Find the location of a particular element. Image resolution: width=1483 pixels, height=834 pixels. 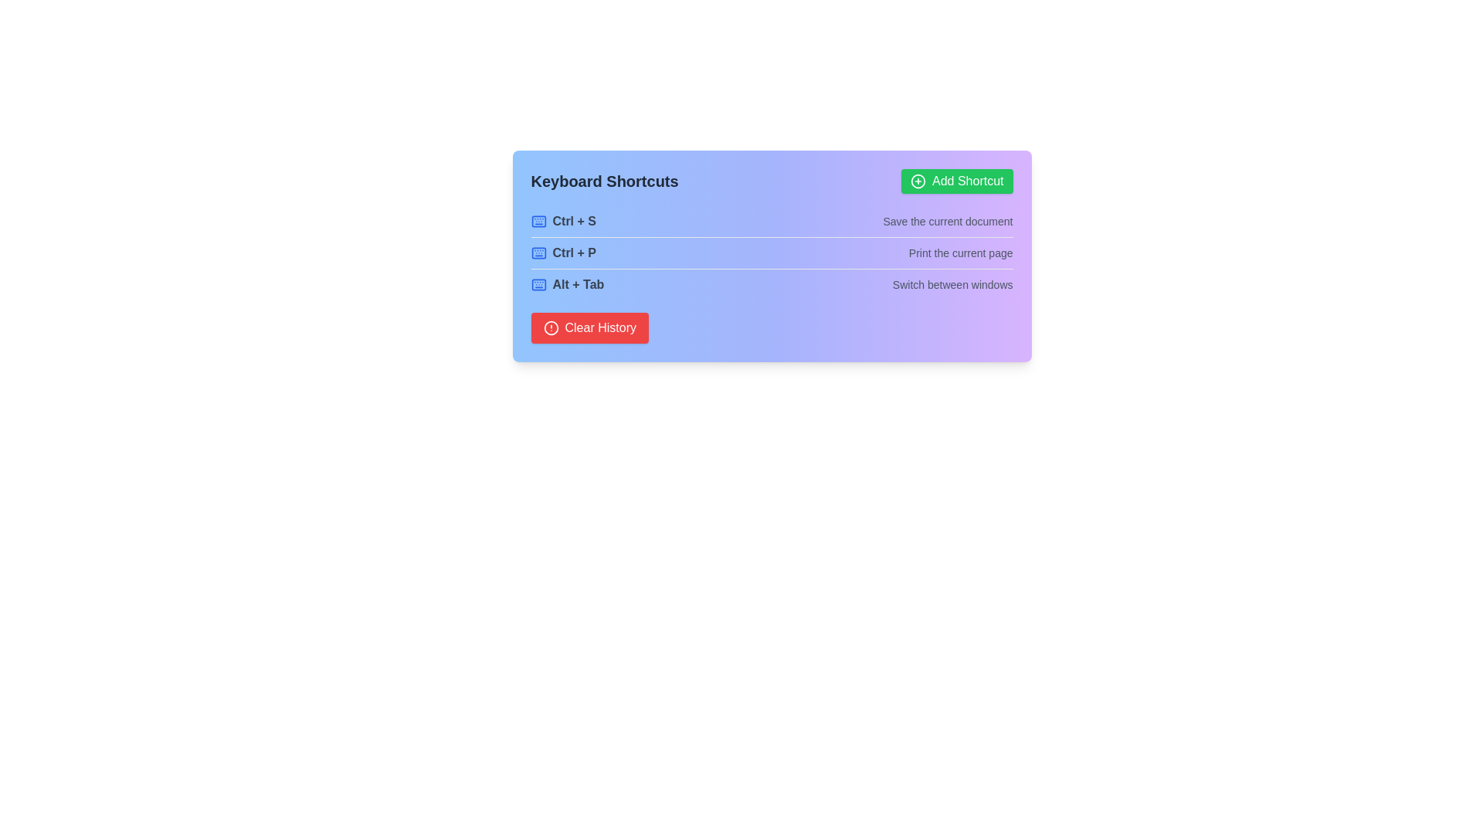

the text label displaying 'Alt + Tab' which is styled with a dark gray, semi-bold font and appears as the third entry in a vertical list of keyboard shortcuts is located at coordinates (577, 285).